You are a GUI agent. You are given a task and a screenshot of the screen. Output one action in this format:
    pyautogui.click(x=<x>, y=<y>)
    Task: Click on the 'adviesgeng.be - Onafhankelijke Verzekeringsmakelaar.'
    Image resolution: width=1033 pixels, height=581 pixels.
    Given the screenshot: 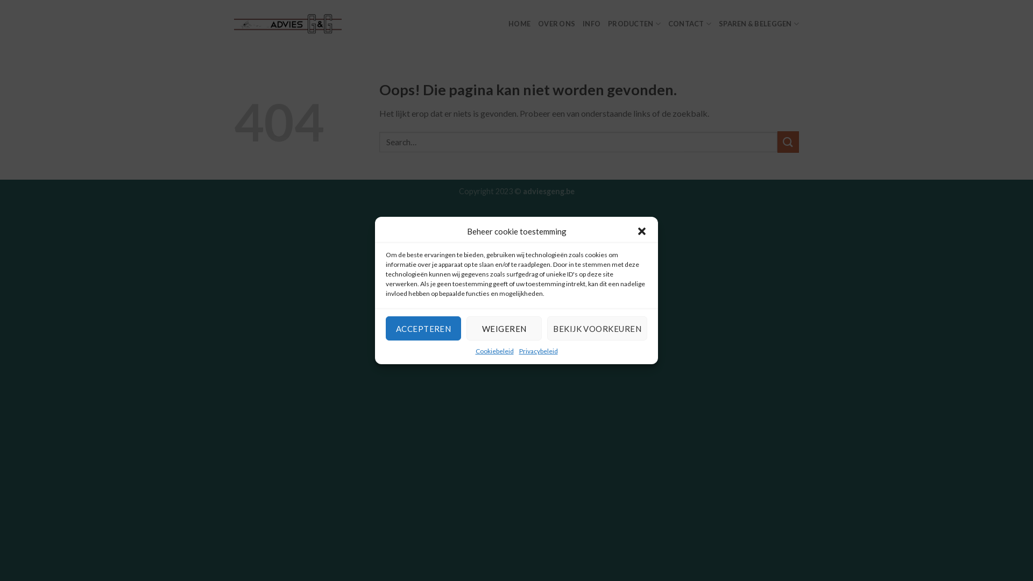 What is the action you would take?
    pyautogui.click(x=287, y=23)
    